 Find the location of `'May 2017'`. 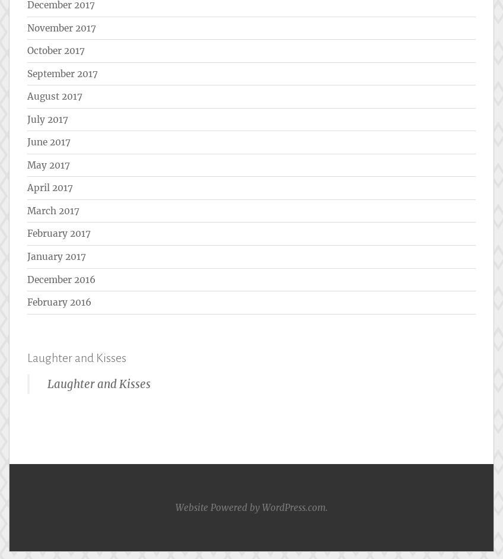

'May 2017' is located at coordinates (49, 164).